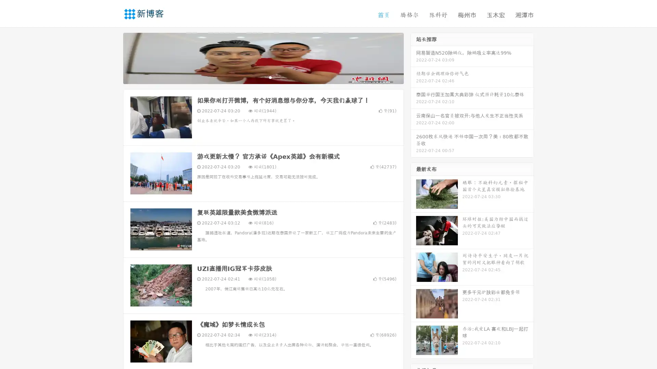  Describe the element at coordinates (263, 77) in the screenshot. I see `Go to slide 2` at that location.